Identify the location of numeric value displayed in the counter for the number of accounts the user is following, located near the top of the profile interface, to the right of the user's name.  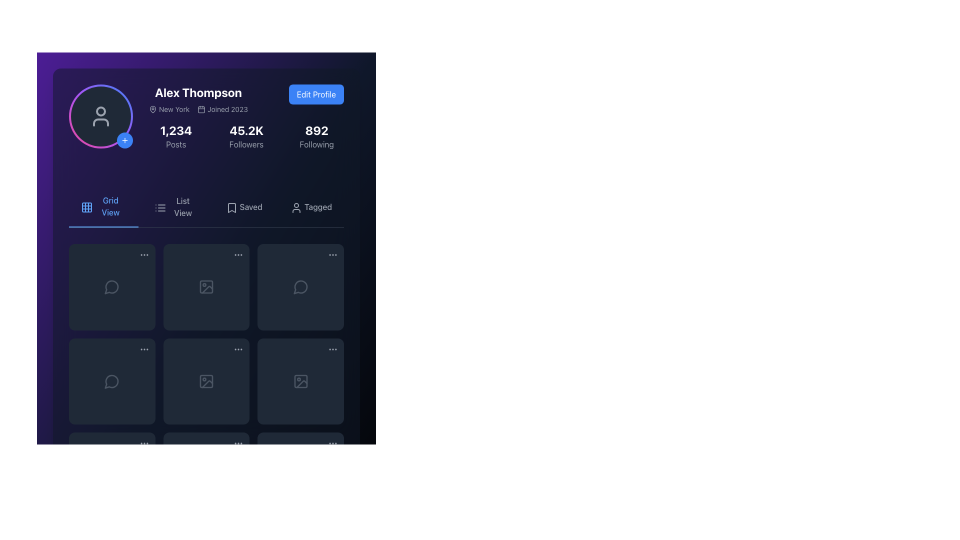
(316, 130).